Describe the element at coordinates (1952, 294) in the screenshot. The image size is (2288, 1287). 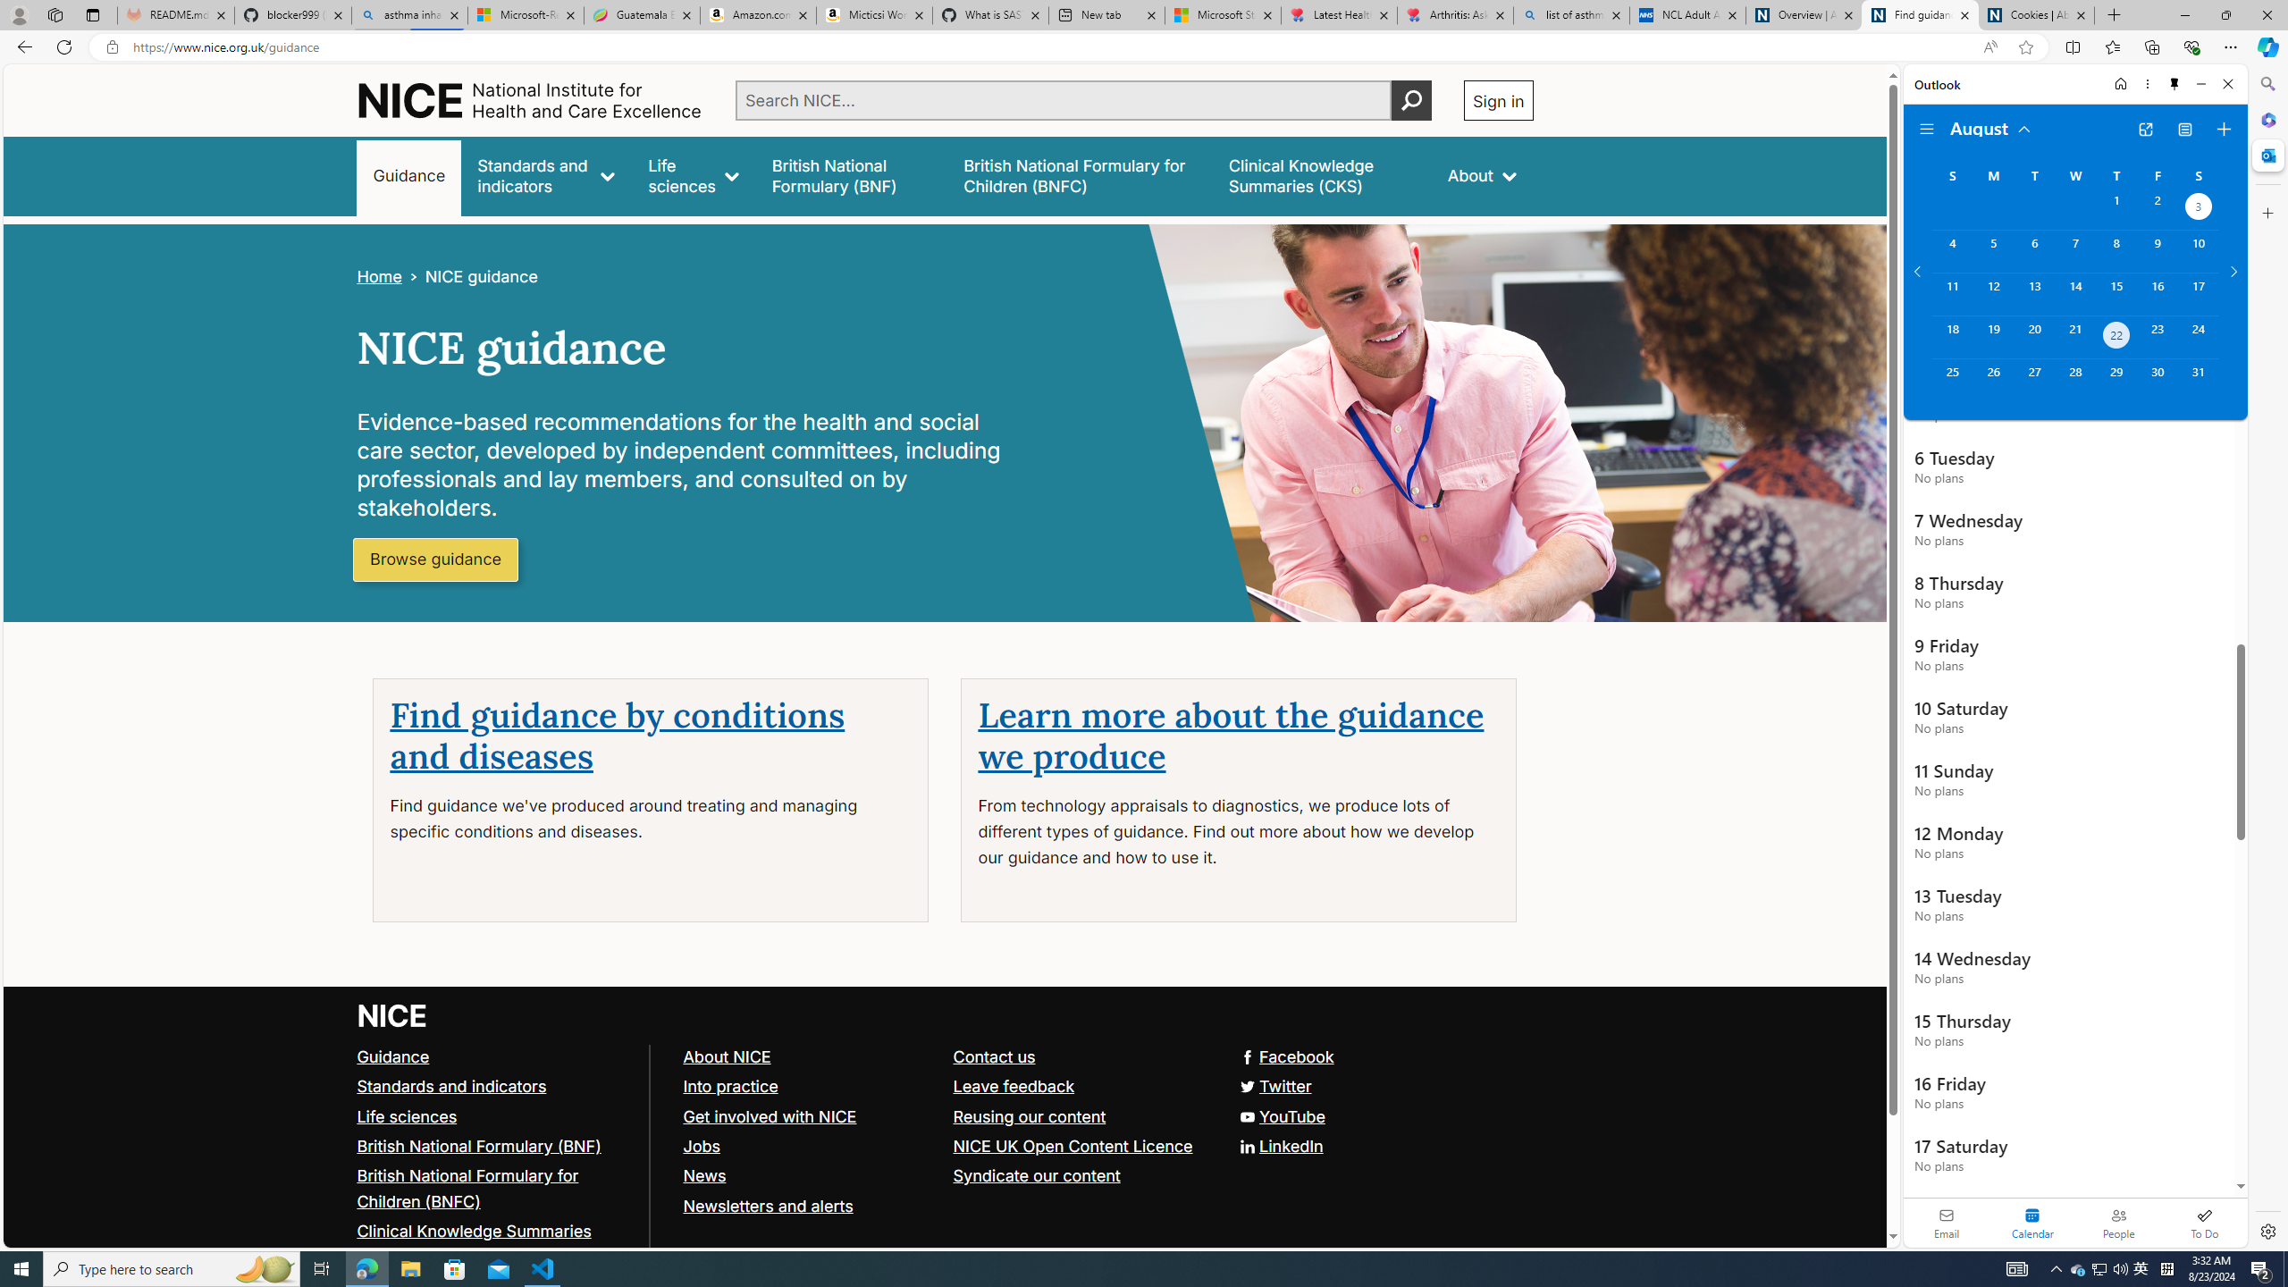
I see `'Sunday, August 11, 2024. '` at that location.